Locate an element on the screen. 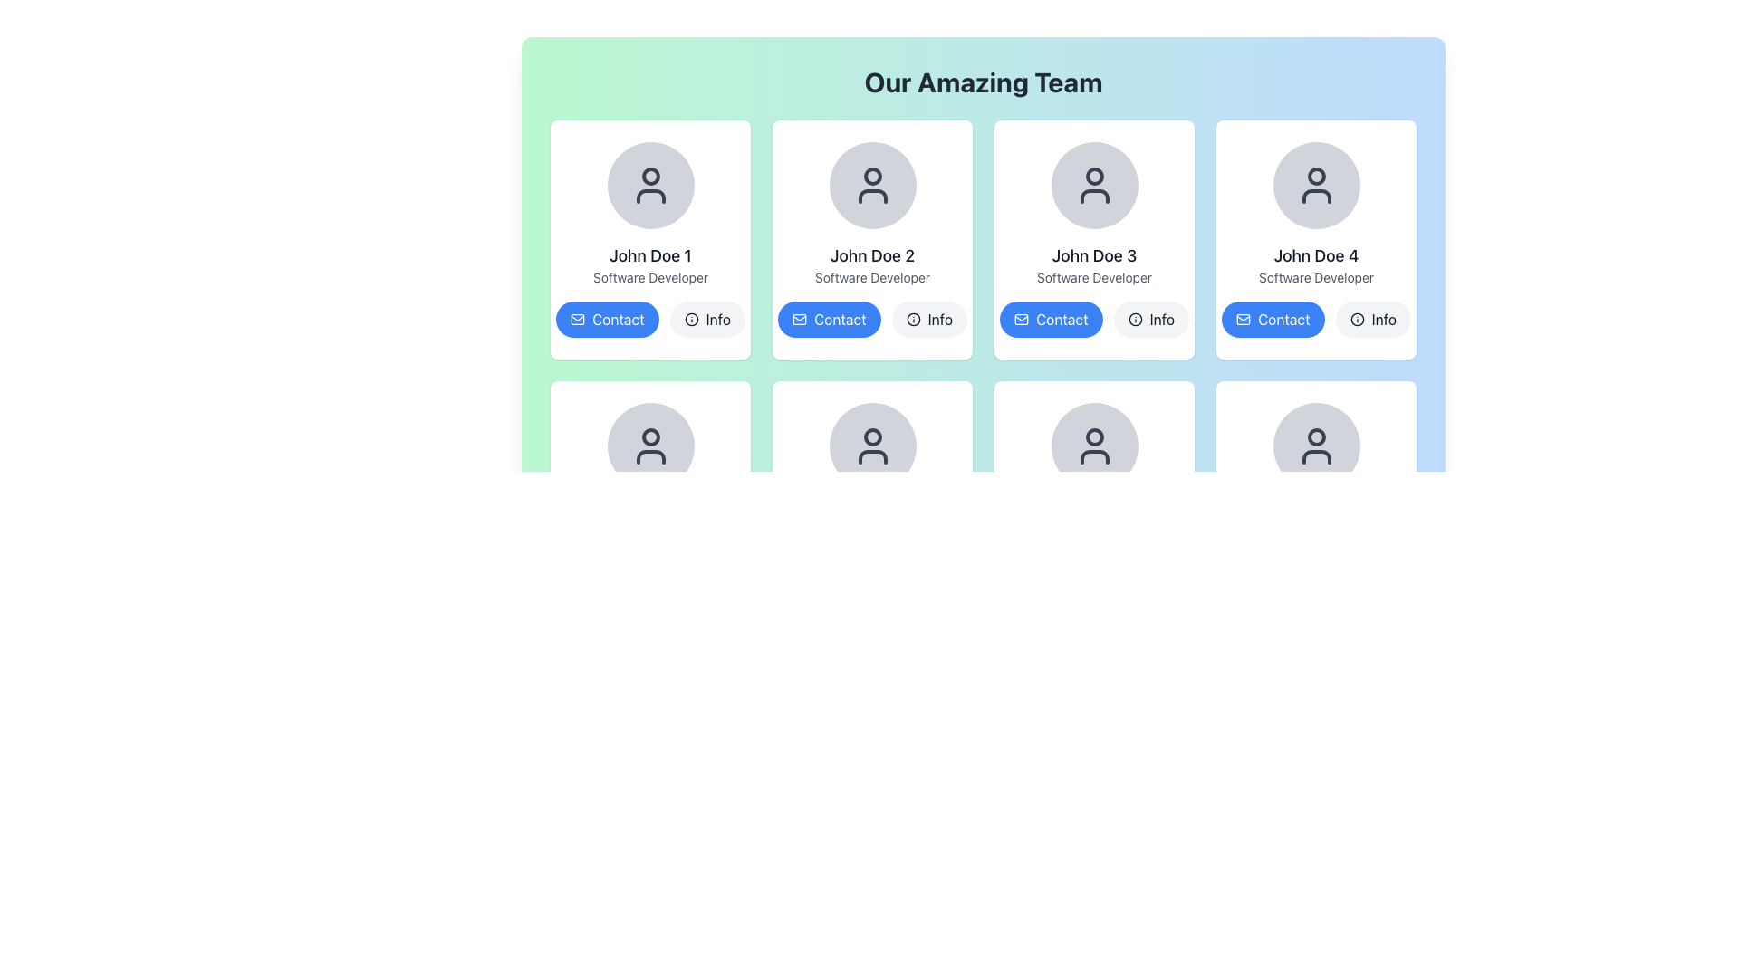 The height and width of the screenshot is (978, 1739). the black mail icon within the blue 'Contact' button located below the card for 'John Doe 4 - Software Developer' in the fourth column of the team grid layout is located at coordinates (1242, 319).